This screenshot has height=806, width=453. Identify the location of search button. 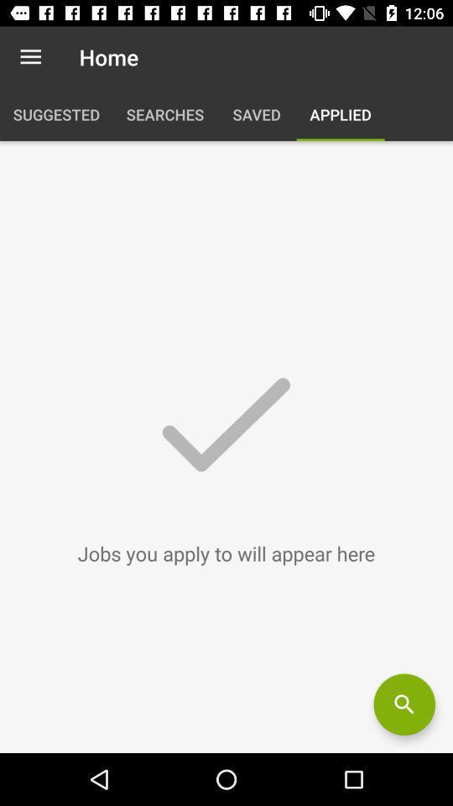
(404, 704).